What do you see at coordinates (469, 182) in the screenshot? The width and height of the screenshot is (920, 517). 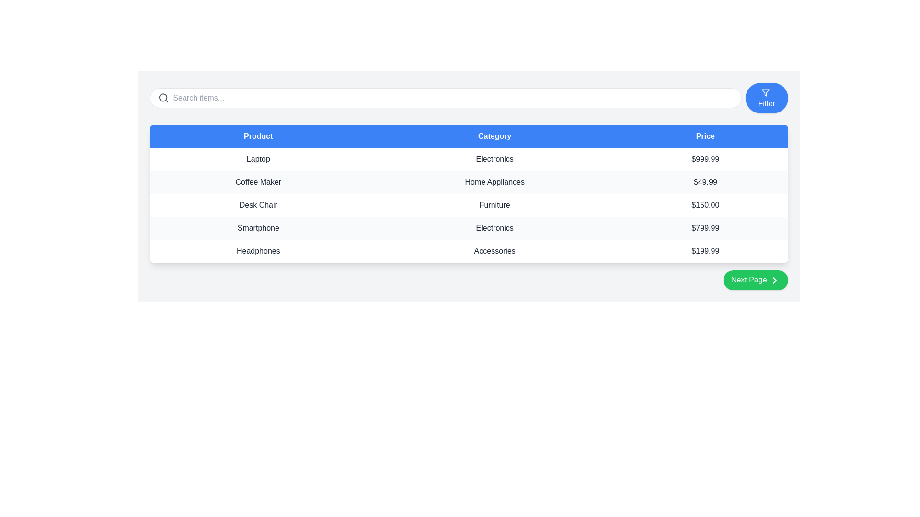 I see `the second row in the table containing 'Coffee Maker', 'Home Appliances', and '$49.99'` at bounding box center [469, 182].